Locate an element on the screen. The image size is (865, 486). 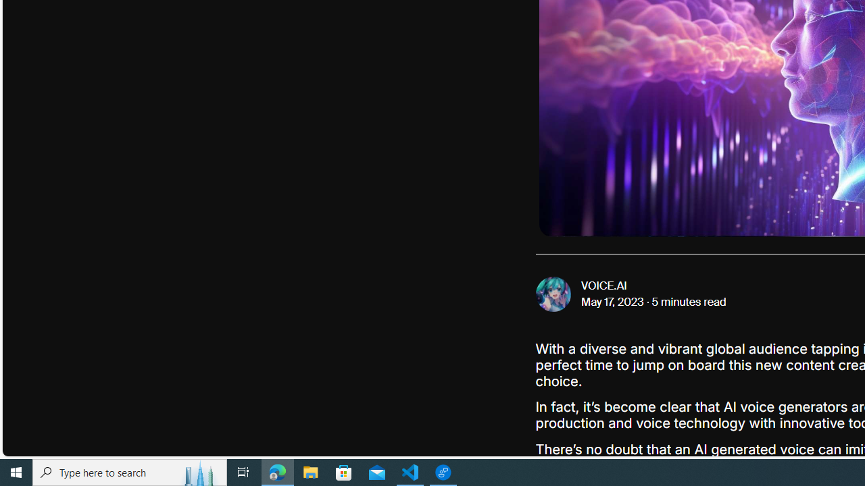
'VOICE.AI' is located at coordinates (603, 286).